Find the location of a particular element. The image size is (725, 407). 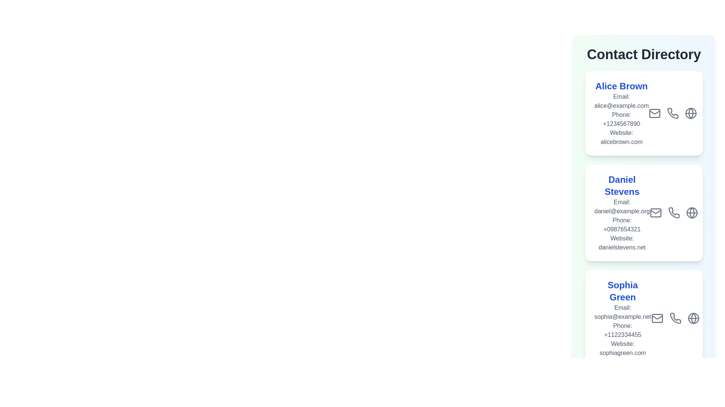

the website icon for the contact Sophia Green is located at coordinates (693, 349).